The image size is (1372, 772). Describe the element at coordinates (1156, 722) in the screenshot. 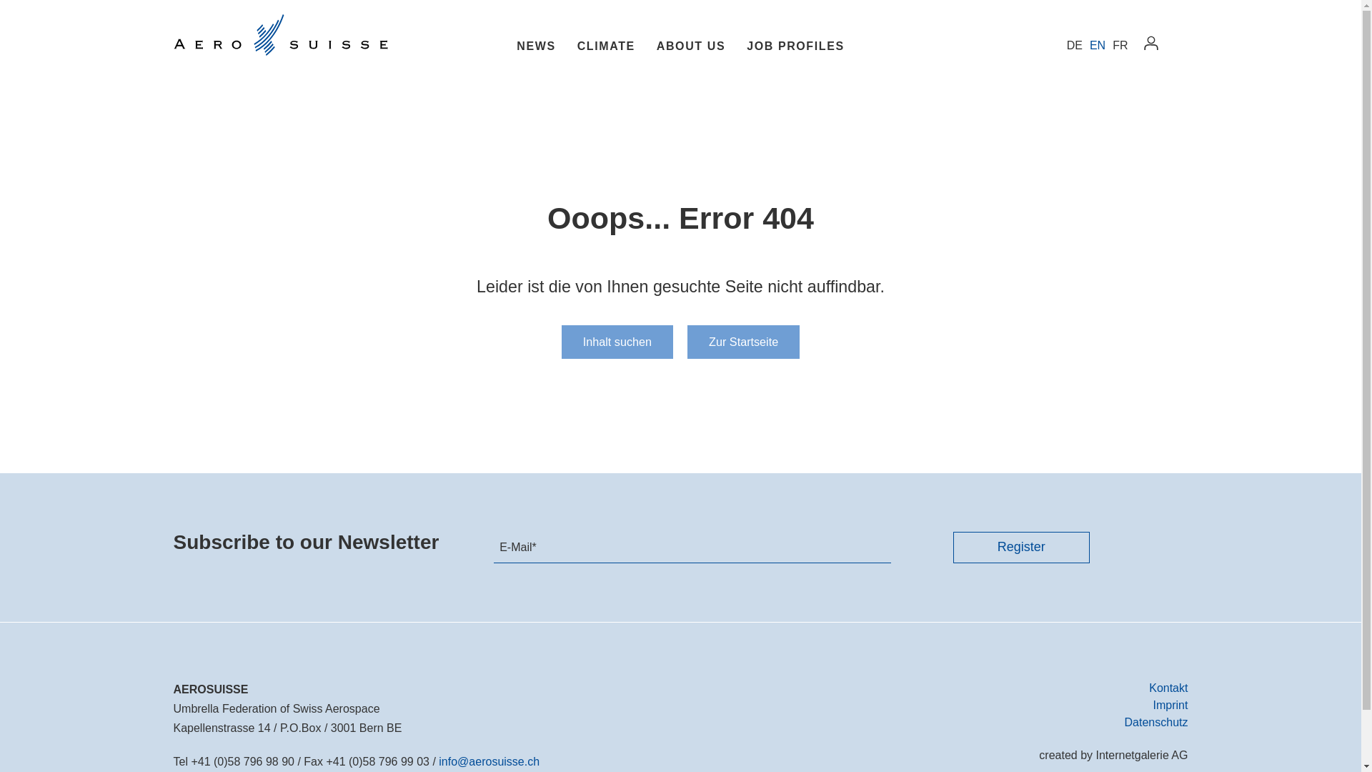

I see `'Datenschutz'` at that location.